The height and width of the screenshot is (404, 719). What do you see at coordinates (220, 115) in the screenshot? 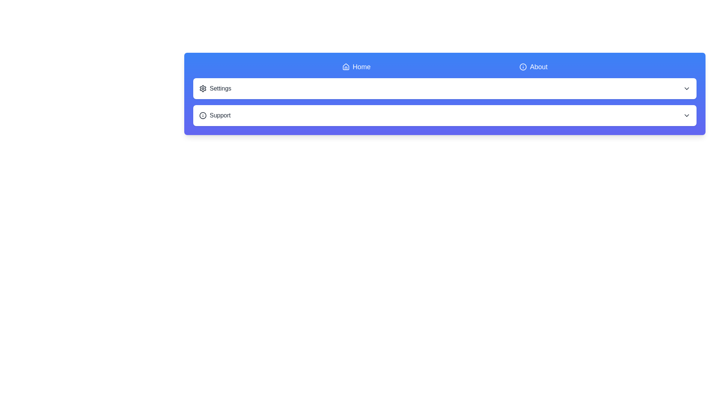
I see `the text label located at the lower row of the interface, which provides a name or description related to support actions, situated closely to an icon on the left` at bounding box center [220, 115].